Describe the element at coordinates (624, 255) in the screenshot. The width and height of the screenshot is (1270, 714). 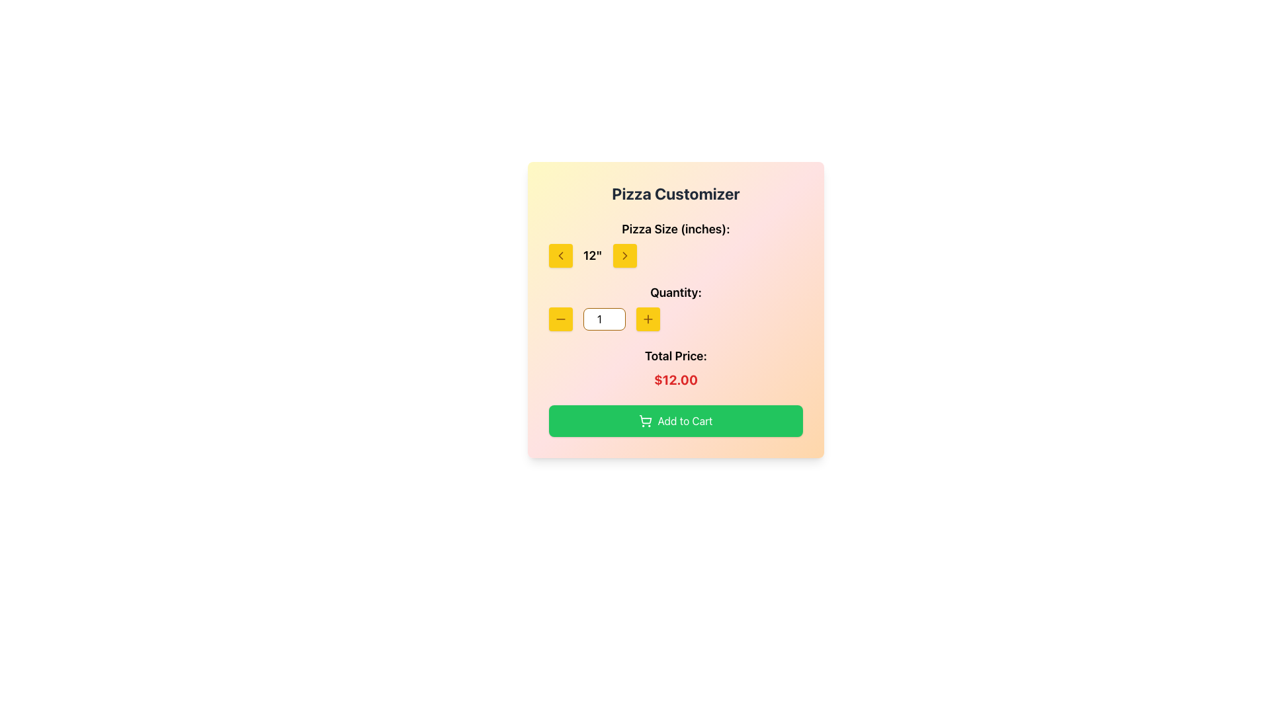
I see `the Right arrow icon (SVG) located immediately to the right of the text '12' in the 'Pizza Size (inches)' dropdown` at that location.